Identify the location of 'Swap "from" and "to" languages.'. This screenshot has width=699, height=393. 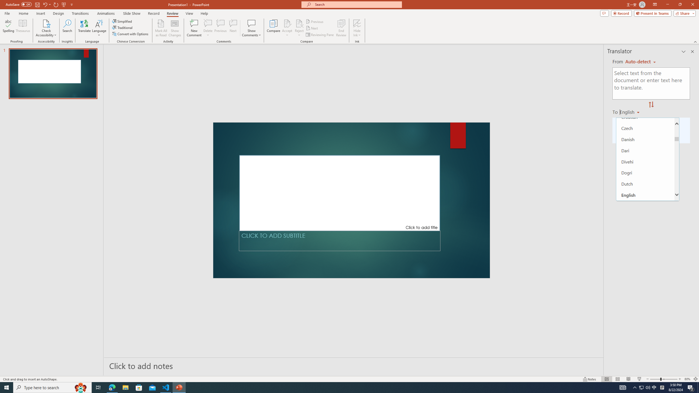
(651, 105).